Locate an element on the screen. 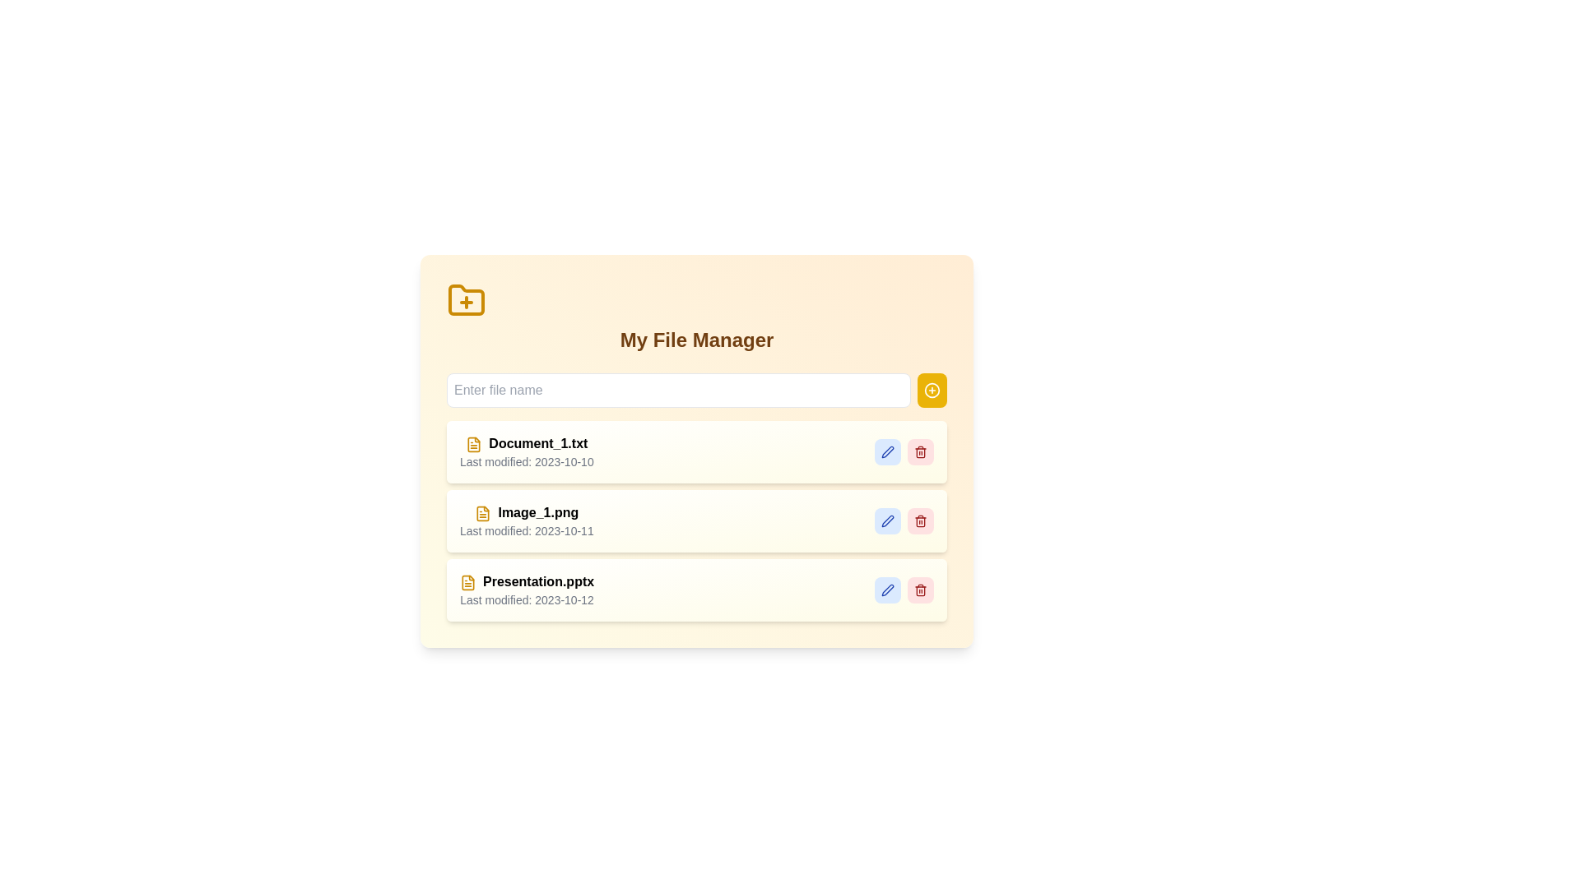  on the text label displaying the file name 'Presentation.pptx' is located at coordinates (538, 580).